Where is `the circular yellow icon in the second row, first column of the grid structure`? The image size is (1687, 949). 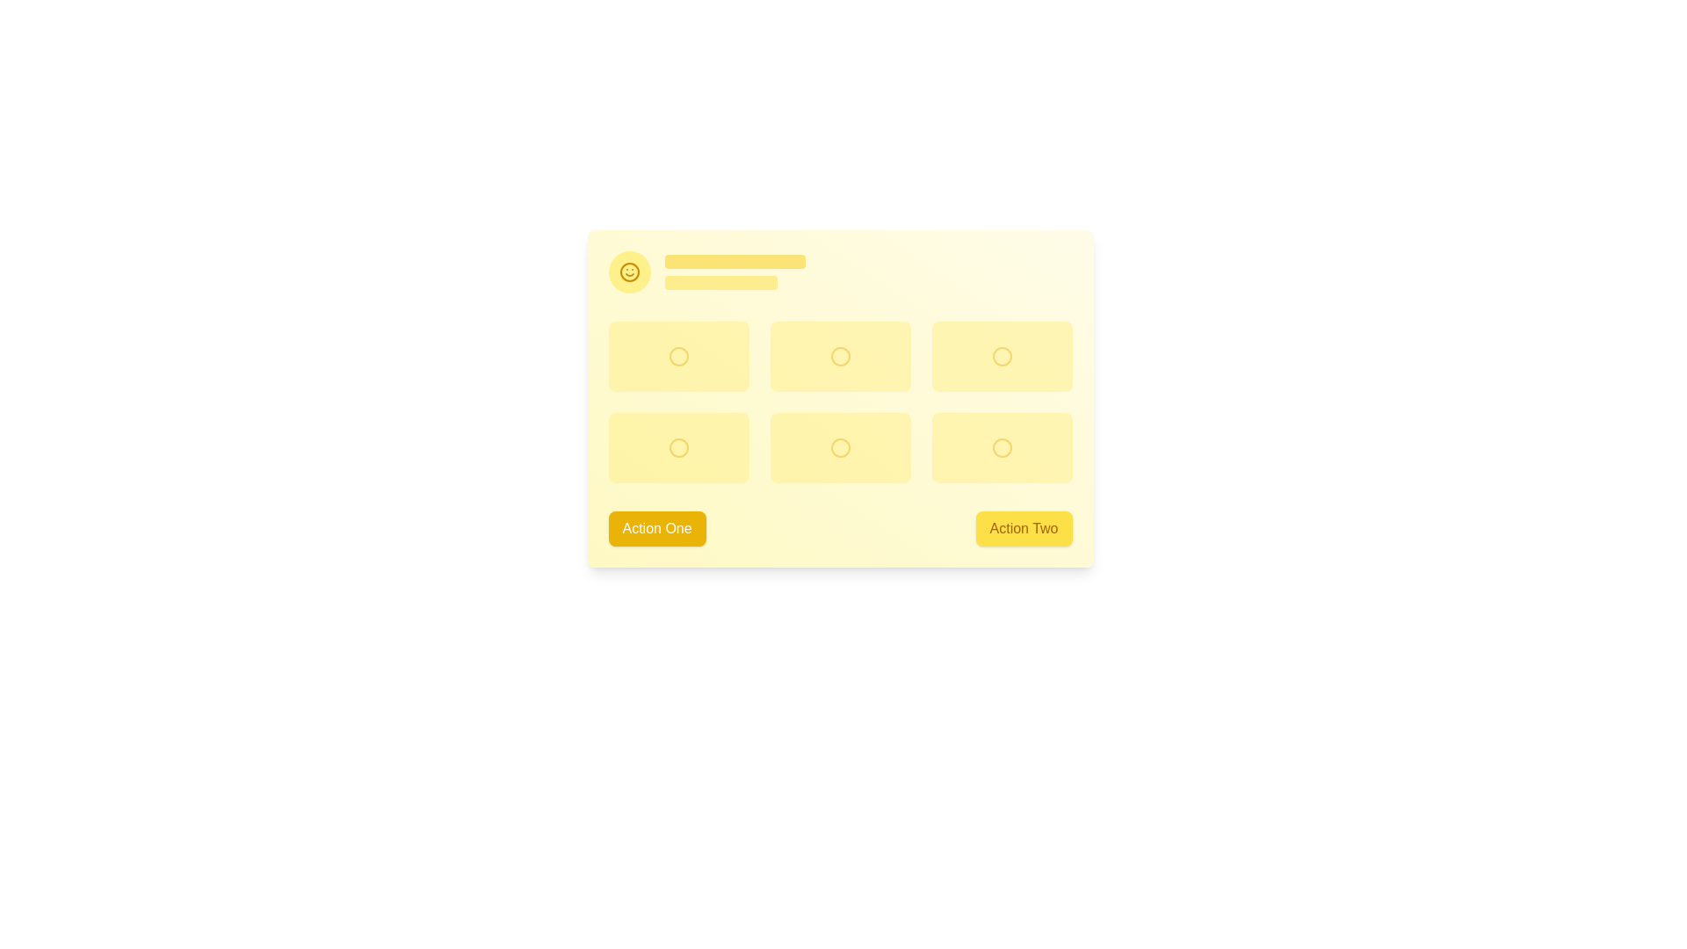 the circular yellow icon in the second row, first column of the grid structure is located at coordinates (677, 446).